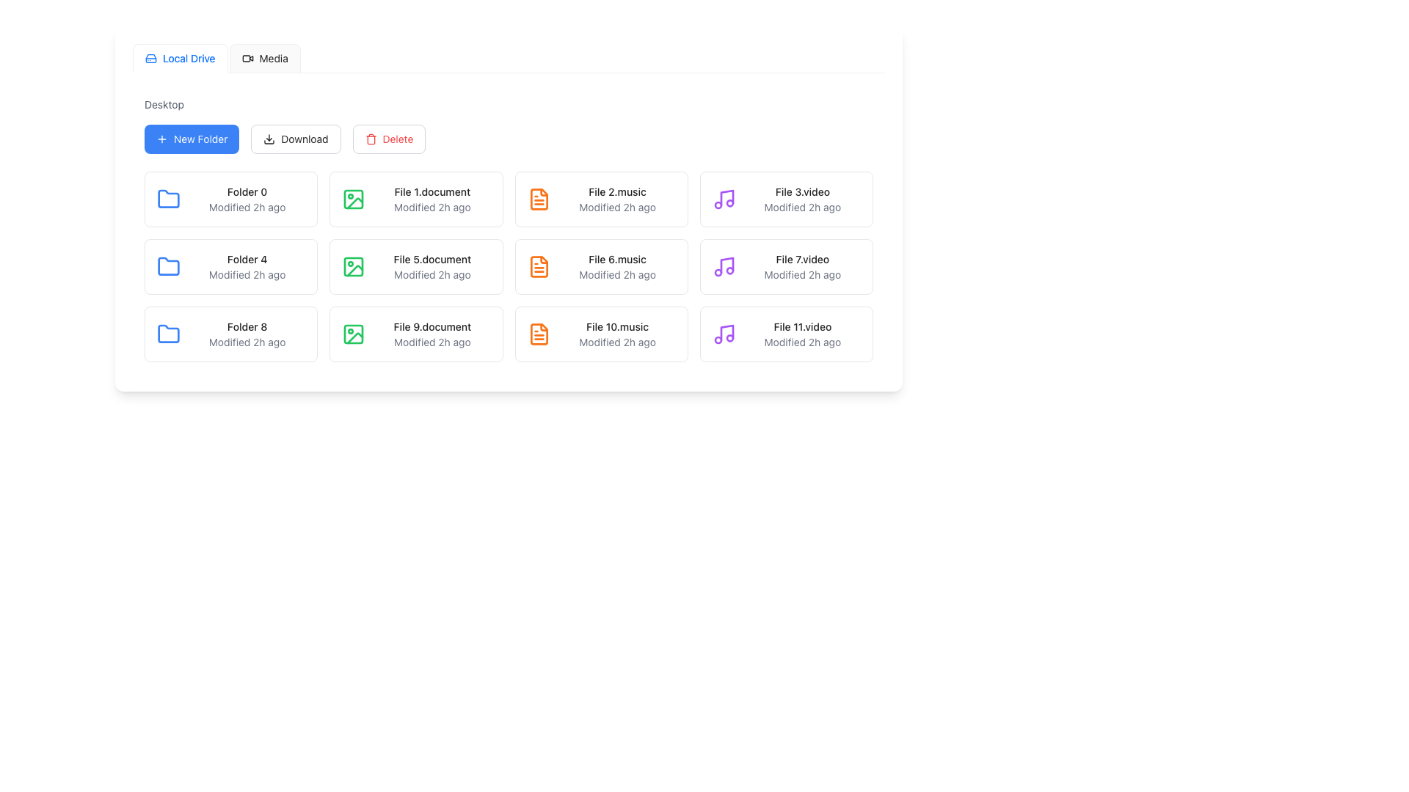  Describe the element at coordinates (432, 334) in the screenshot. I see `the File card representing 'File 9.document' located in the second column and third row of the file grid` at that location.